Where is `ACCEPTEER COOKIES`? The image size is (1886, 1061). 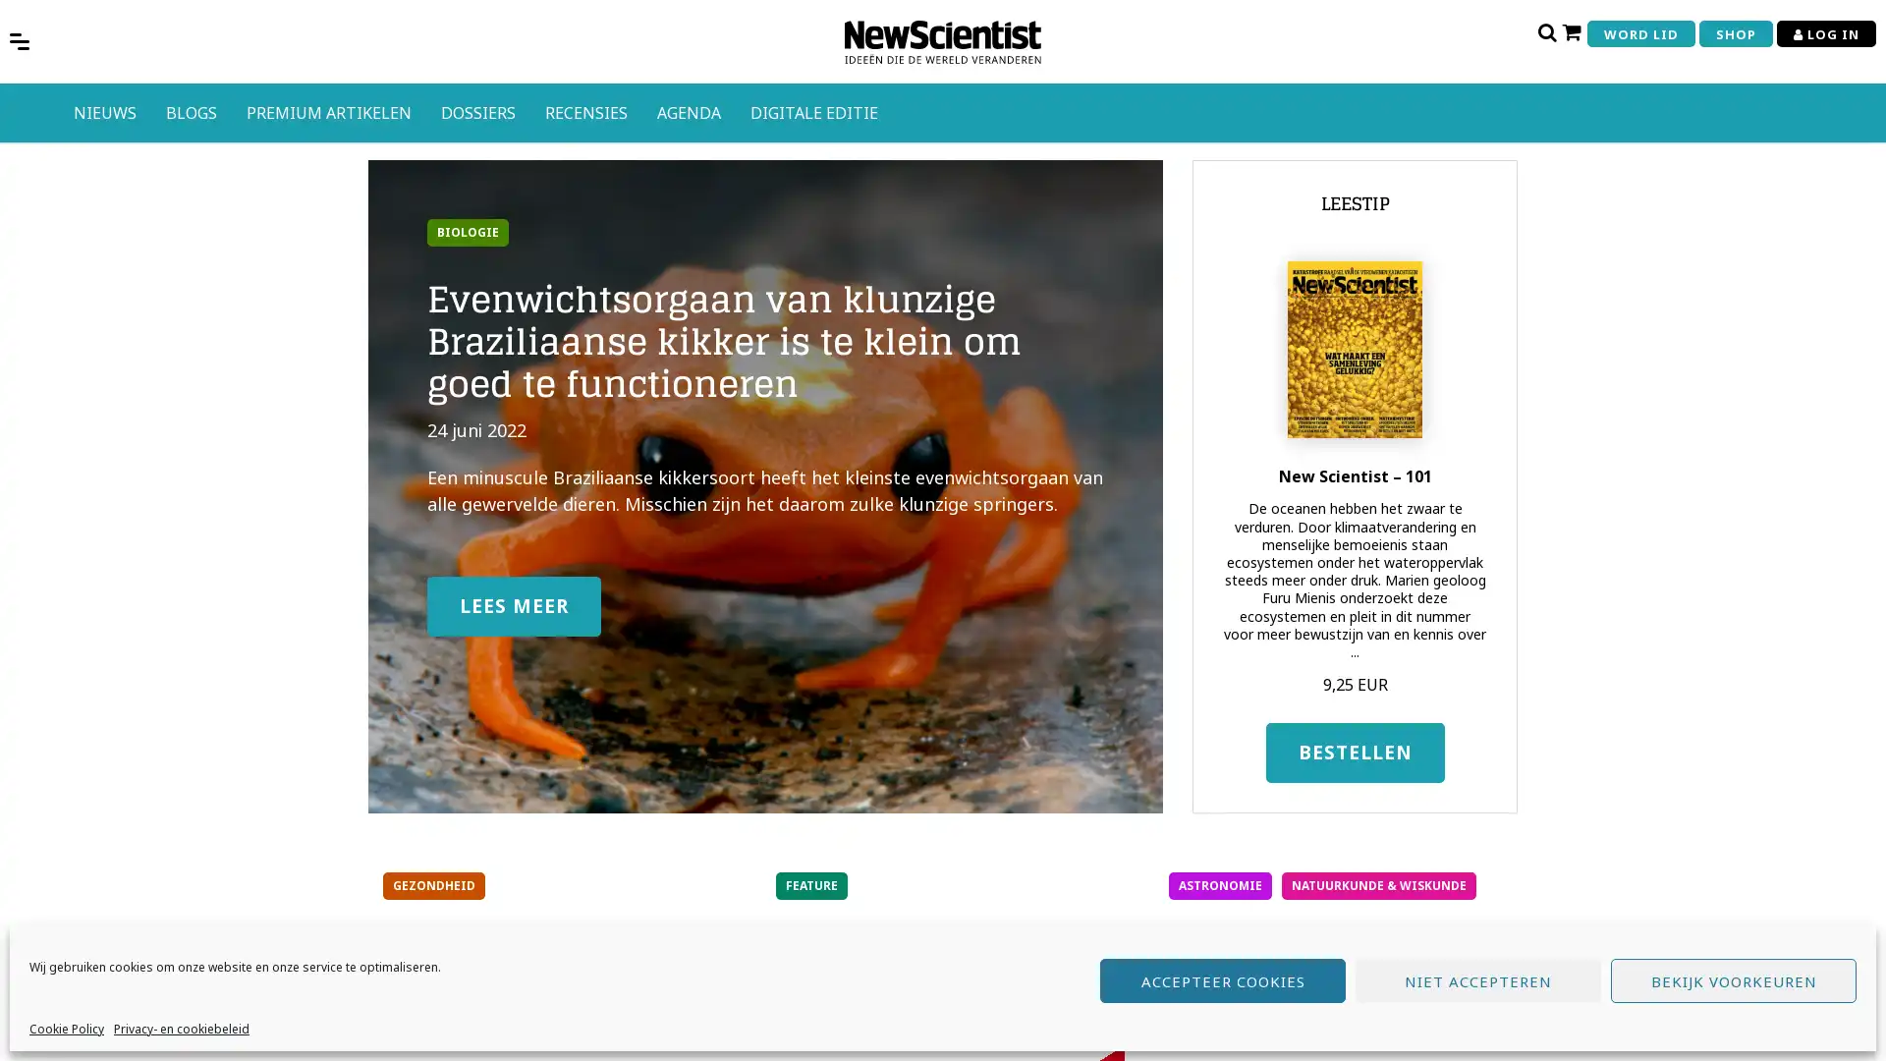
ACCEPTEER COOKIES is located at coordinates (1221, 980).